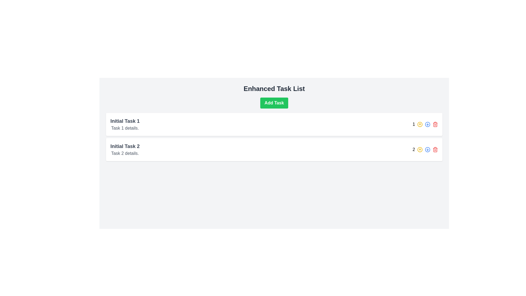  I want to click on the label that indicates the identifier or sequence number for Task 2, which is aligned leftmost in the action area of the second task card, so click(425, 150).